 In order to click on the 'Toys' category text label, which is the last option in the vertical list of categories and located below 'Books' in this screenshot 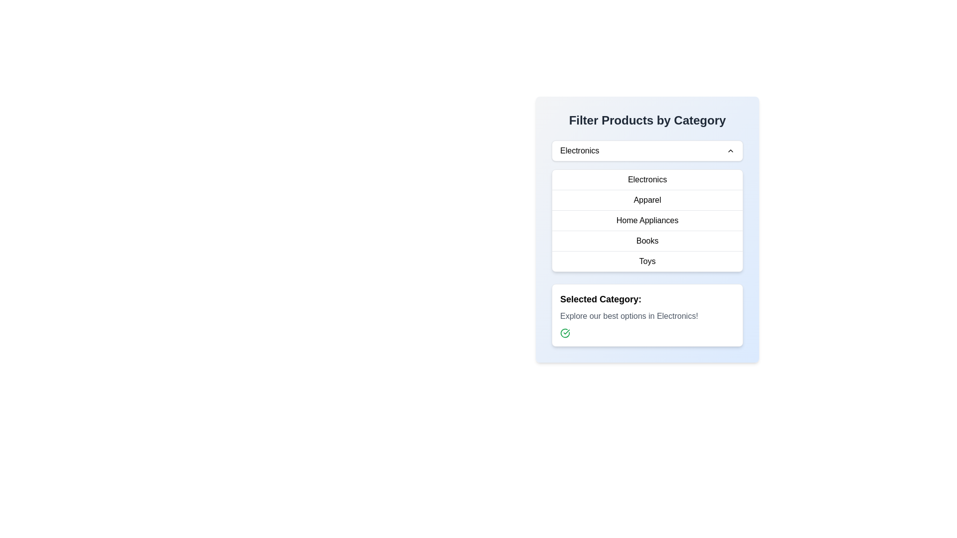, I will do `click(647, 261)`.